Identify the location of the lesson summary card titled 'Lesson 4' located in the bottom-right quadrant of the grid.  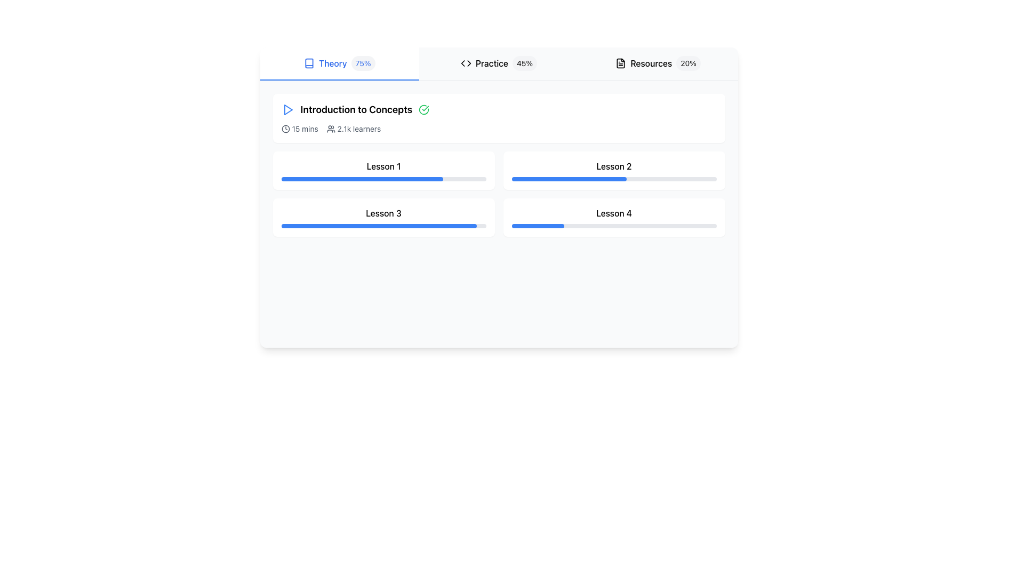
(614, 217).